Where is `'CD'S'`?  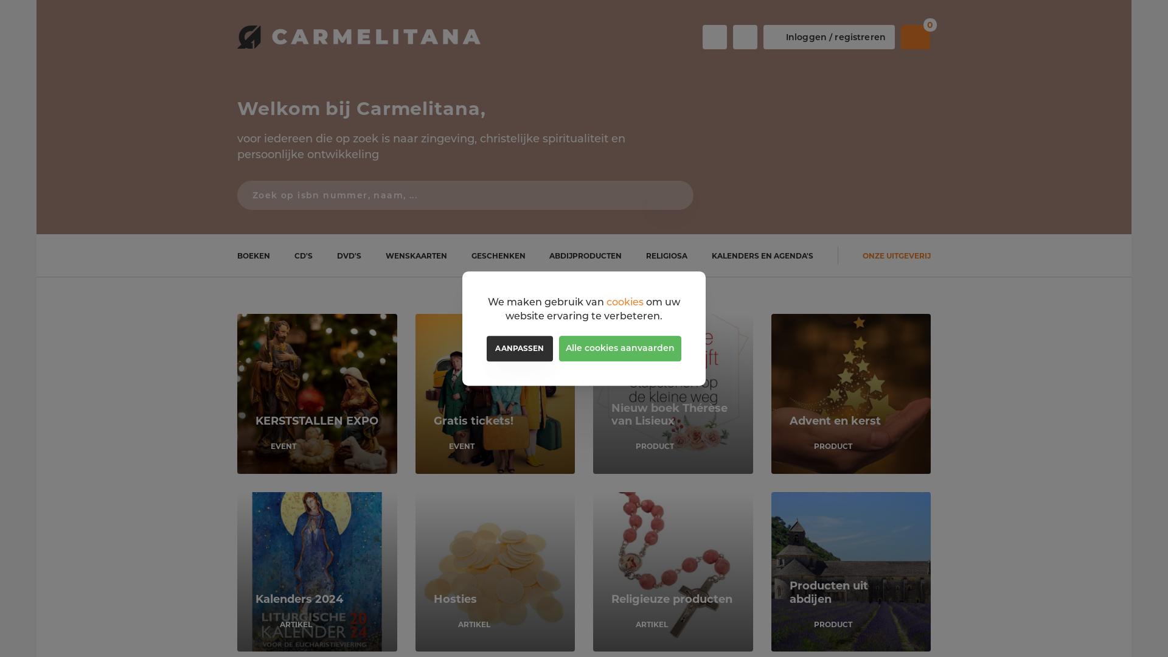
'CD'S' is located at coordinates (304, 255).